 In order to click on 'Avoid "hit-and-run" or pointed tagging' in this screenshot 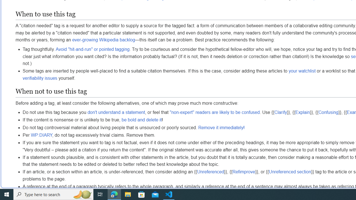, I will do `click(92, 49)`.